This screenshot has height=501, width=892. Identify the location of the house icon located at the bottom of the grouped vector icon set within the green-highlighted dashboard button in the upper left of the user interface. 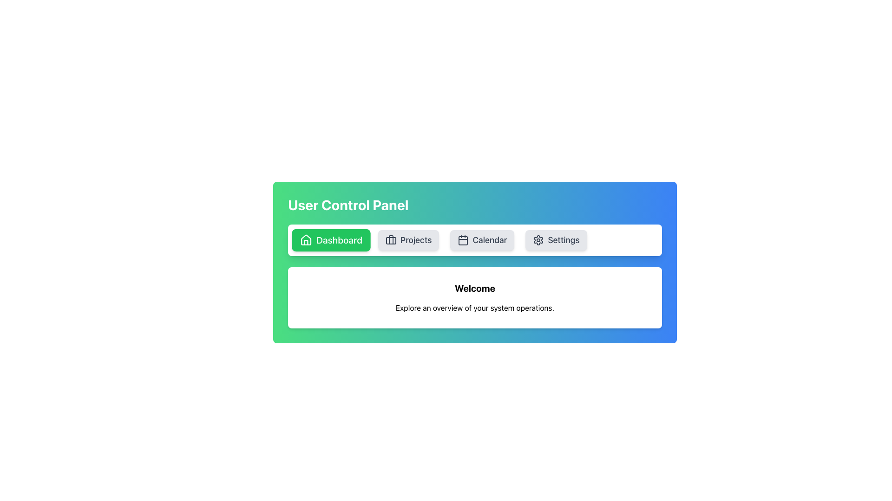
(306, 239).